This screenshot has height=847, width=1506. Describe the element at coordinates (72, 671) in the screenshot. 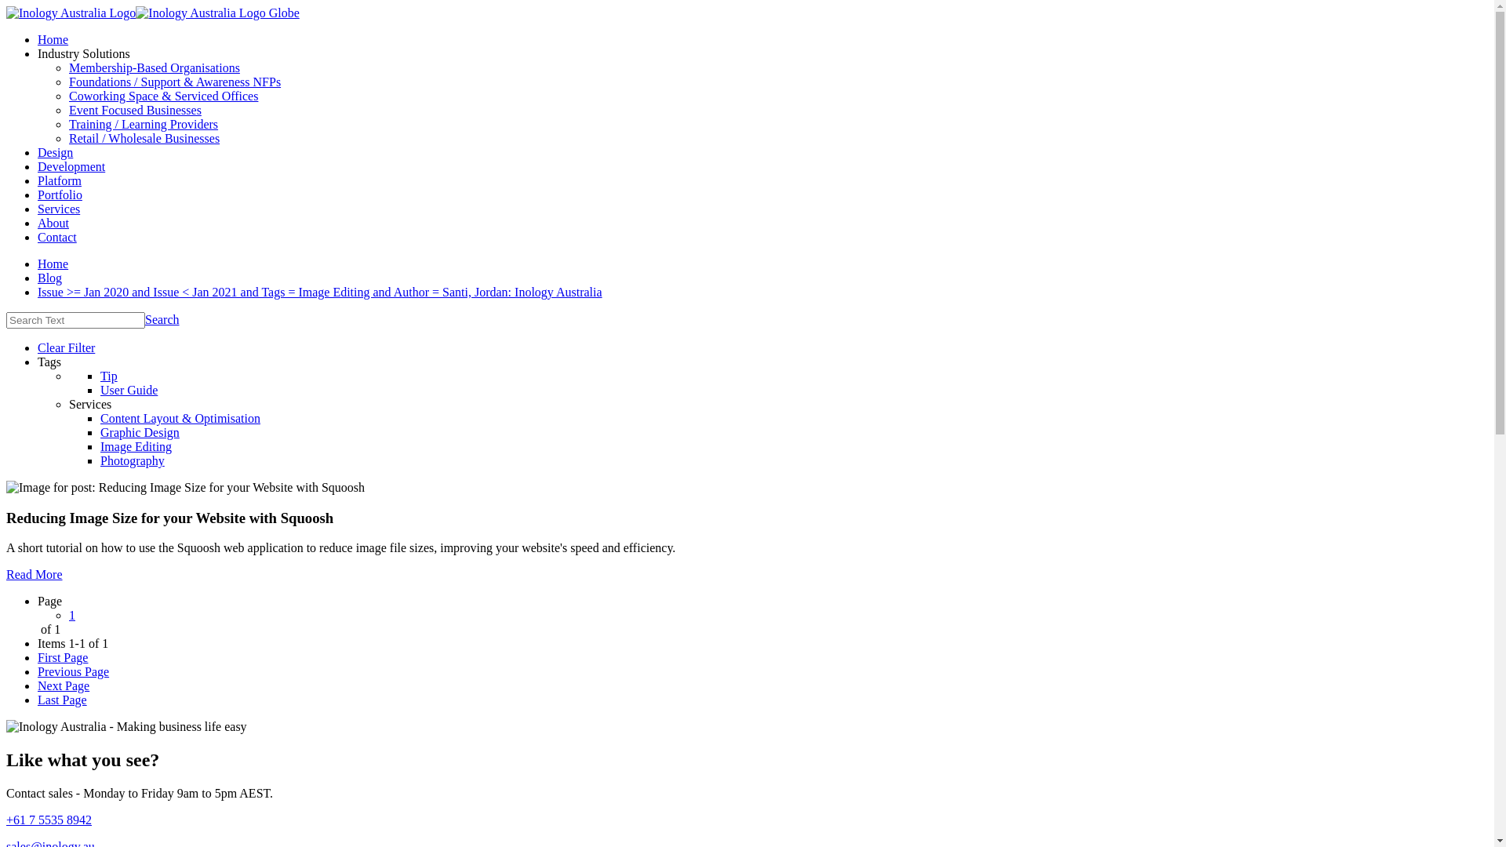

I see `'Previous Page'` at that location.